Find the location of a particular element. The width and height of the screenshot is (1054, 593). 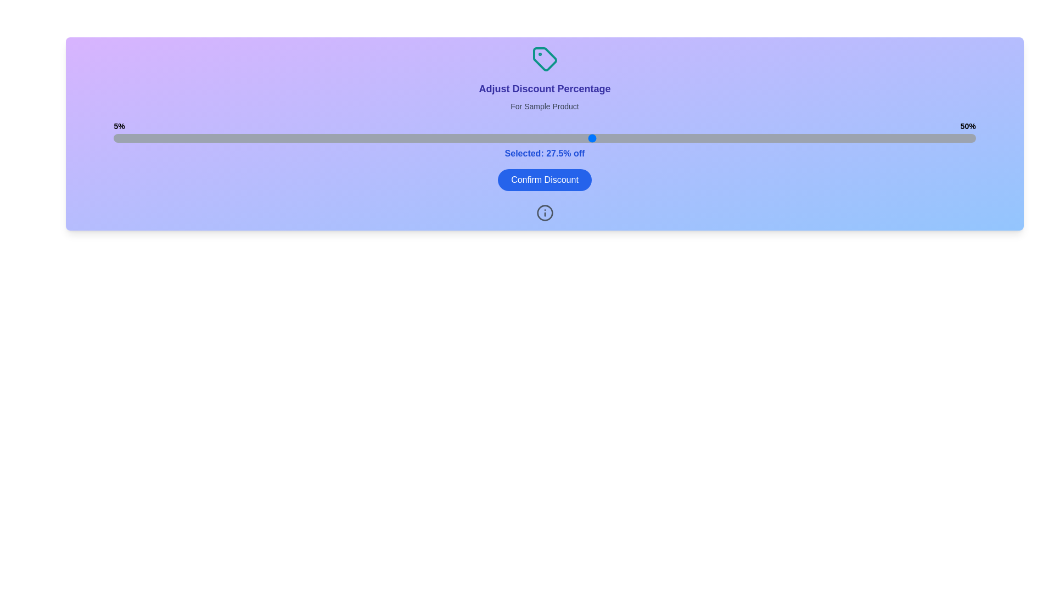

the text label that says 'For Sample Product,' which is styled with a light gray font and positioned centrally beneath the 'Adjust Discount Percentage' heading is located at coordinates (545, 106).